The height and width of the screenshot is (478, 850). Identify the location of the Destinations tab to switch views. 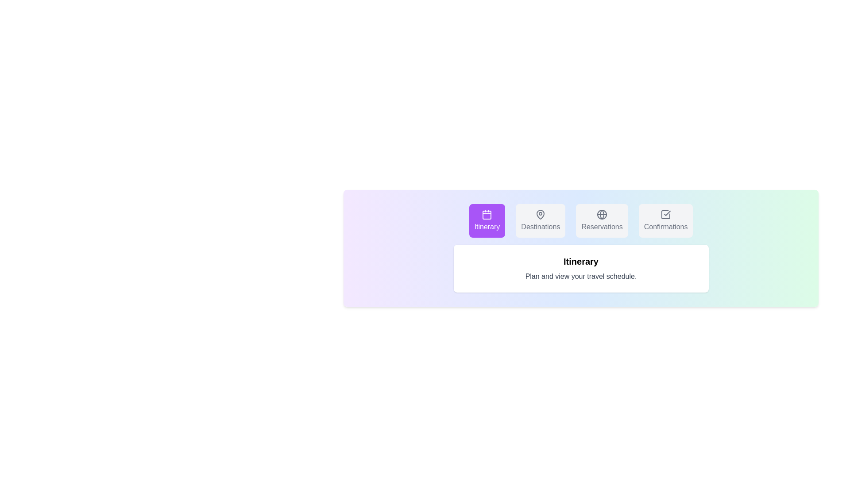
(540, 220).